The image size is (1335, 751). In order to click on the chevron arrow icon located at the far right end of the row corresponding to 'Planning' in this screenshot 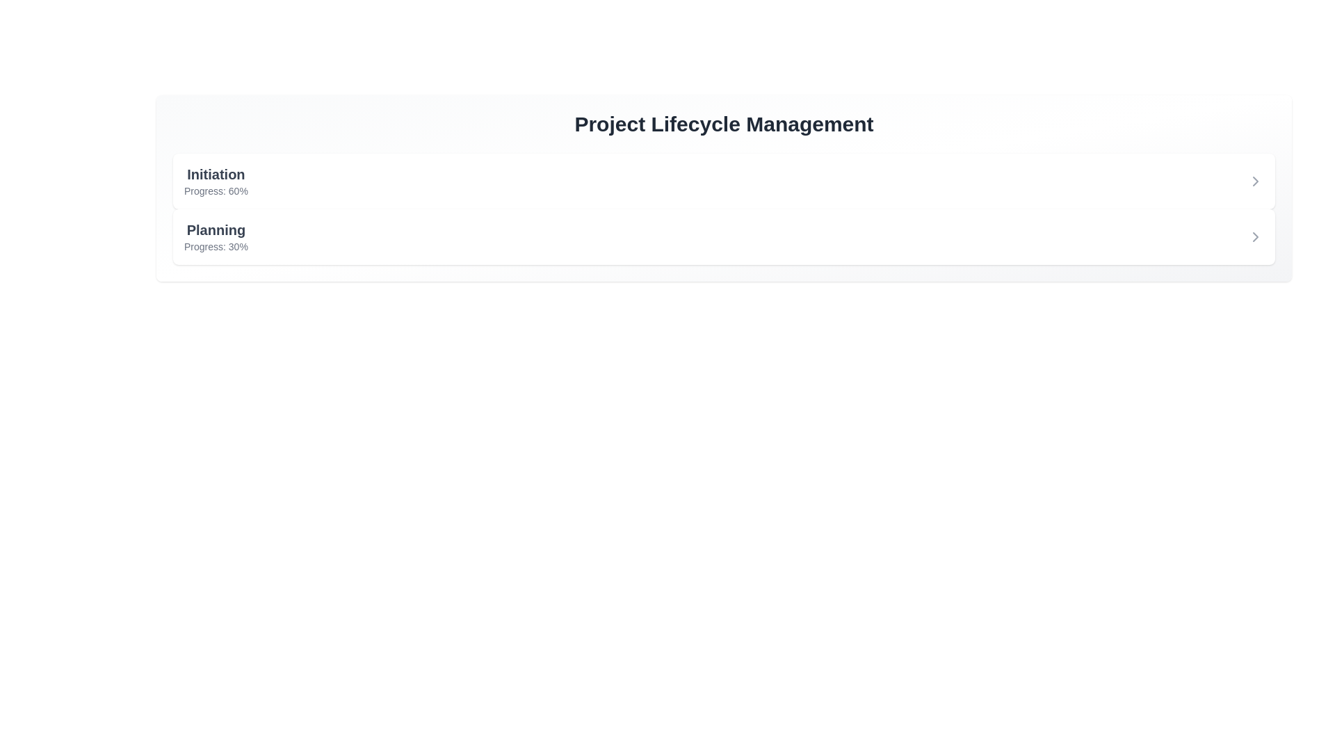, I will do `click(1255, 181)`.